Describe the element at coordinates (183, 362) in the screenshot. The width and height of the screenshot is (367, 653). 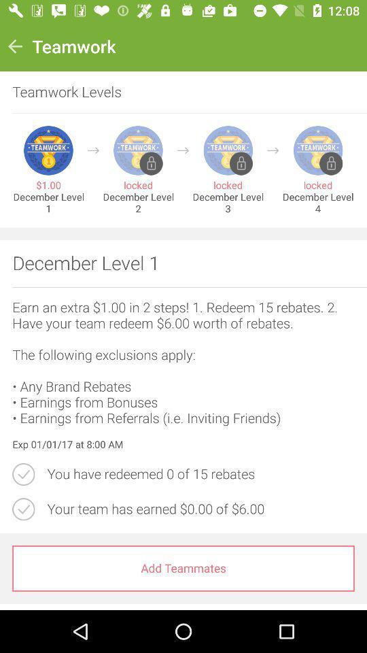
I see `the earn an extra icon` at that location.